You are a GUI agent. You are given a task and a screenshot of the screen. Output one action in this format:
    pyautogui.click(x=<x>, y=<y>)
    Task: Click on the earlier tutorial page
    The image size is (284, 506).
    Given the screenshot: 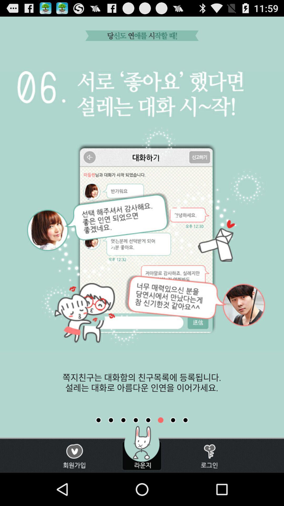 What is the action you would take?
    pyautogui.click(x=123, y=420)
    